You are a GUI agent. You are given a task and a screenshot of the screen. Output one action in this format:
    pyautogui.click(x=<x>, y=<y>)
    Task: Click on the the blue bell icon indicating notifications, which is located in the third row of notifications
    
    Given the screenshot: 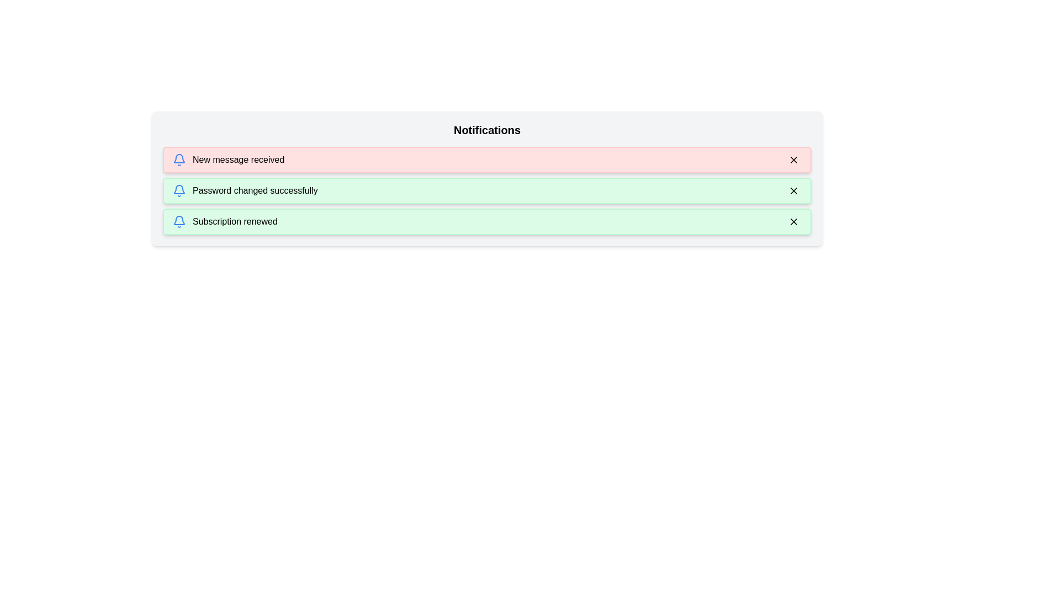 What is the action you would take?
    pyautogui.click(x=179, y=221)
    